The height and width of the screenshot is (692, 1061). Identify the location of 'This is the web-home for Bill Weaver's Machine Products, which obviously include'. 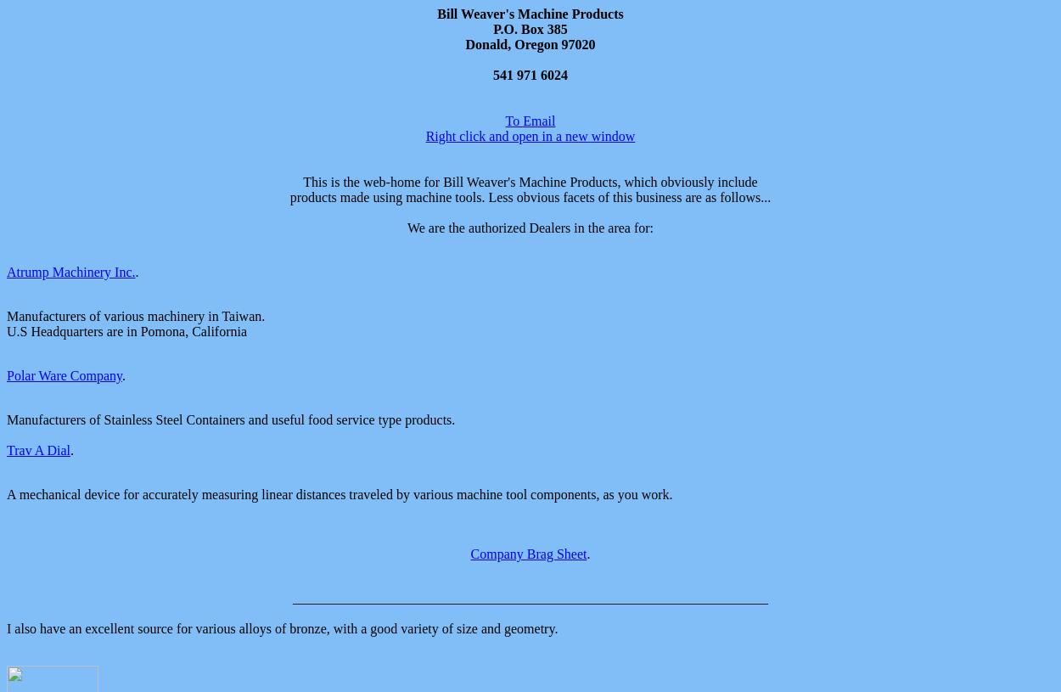
(529, 182).